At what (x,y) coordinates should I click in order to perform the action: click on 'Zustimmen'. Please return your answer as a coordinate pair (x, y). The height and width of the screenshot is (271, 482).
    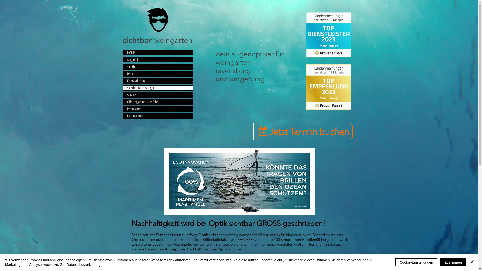
    Looking at the image, I should click on (453, 262).